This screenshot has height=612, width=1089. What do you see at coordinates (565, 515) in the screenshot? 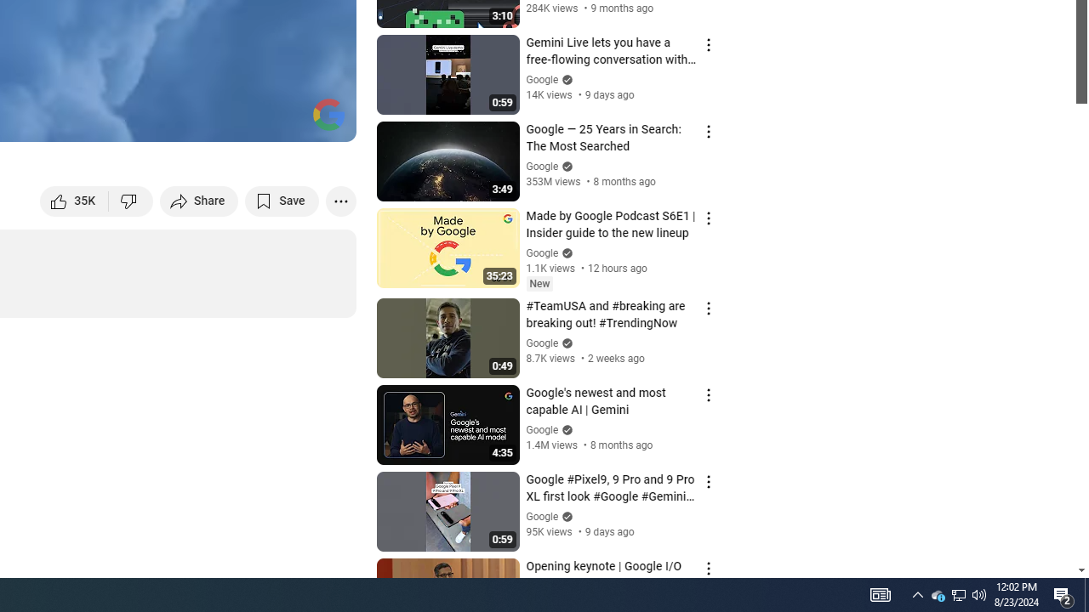
I see `'Verified'` at bounding box center [565, 515].